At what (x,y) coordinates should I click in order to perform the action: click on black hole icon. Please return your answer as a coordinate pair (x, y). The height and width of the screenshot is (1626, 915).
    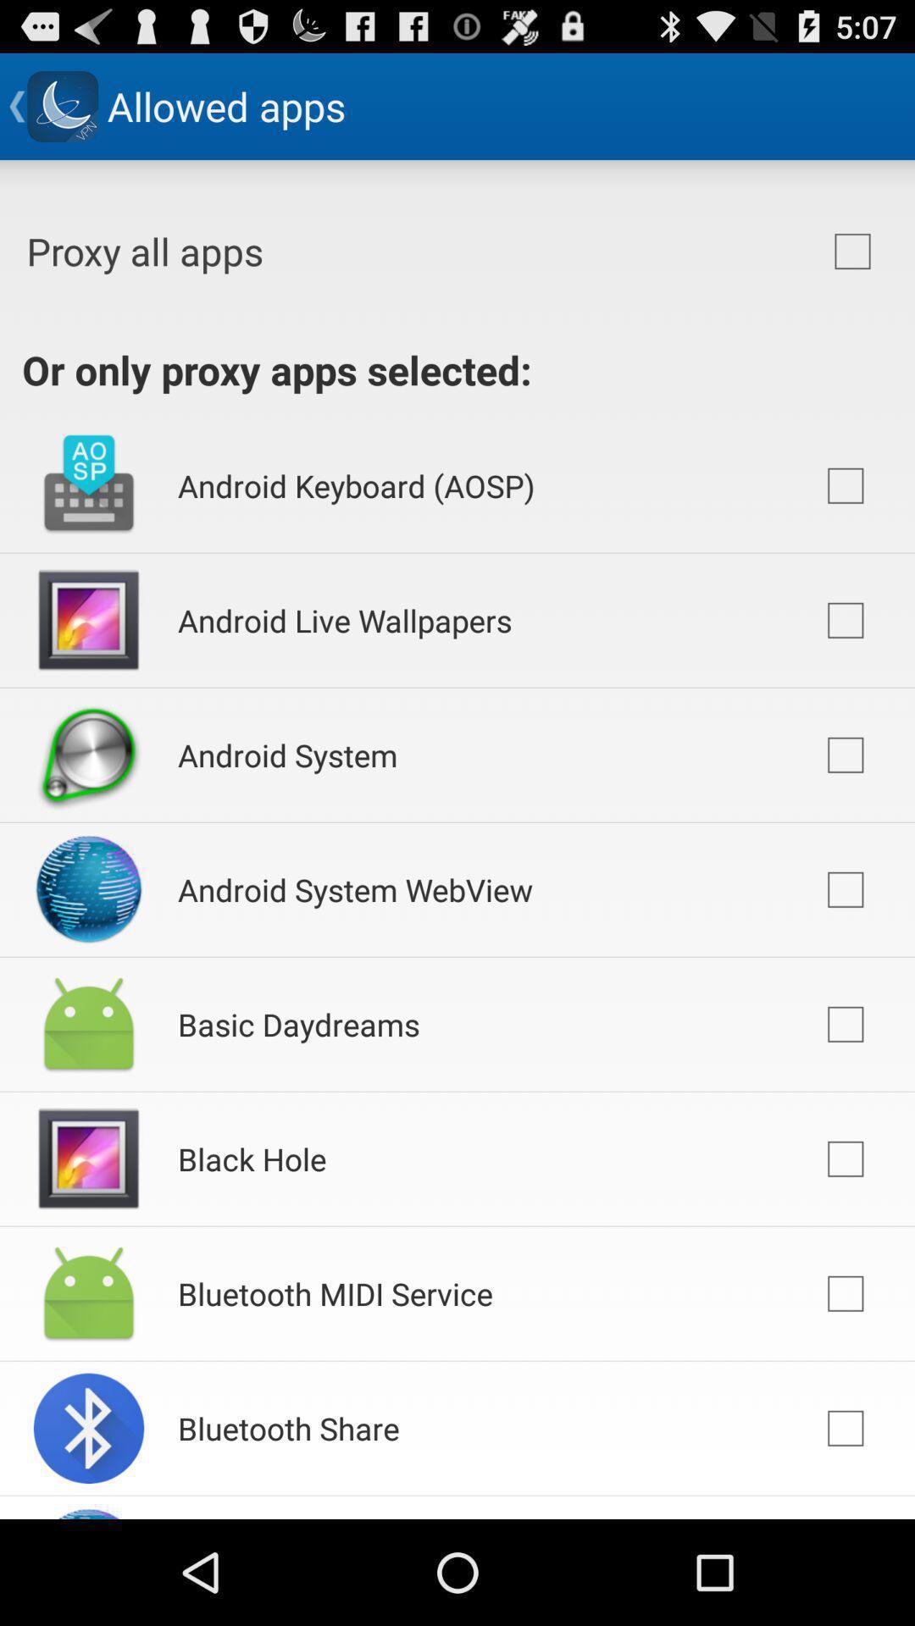
    Looking at the image, I should click on (252, 1158).